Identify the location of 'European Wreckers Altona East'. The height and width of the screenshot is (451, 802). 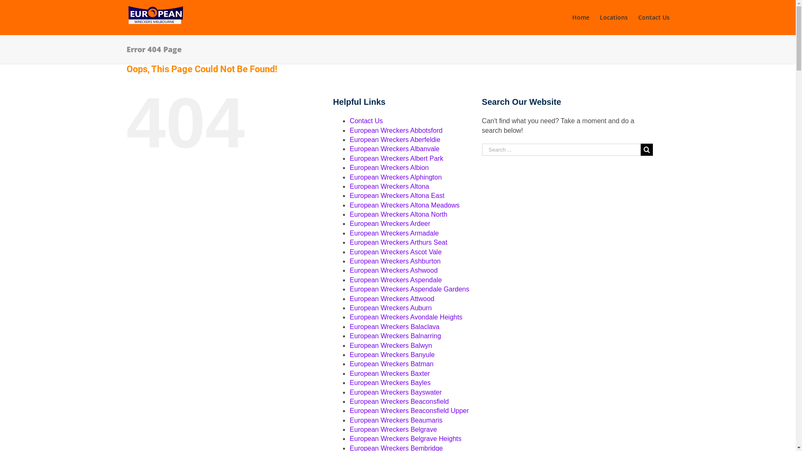
(396, 195).